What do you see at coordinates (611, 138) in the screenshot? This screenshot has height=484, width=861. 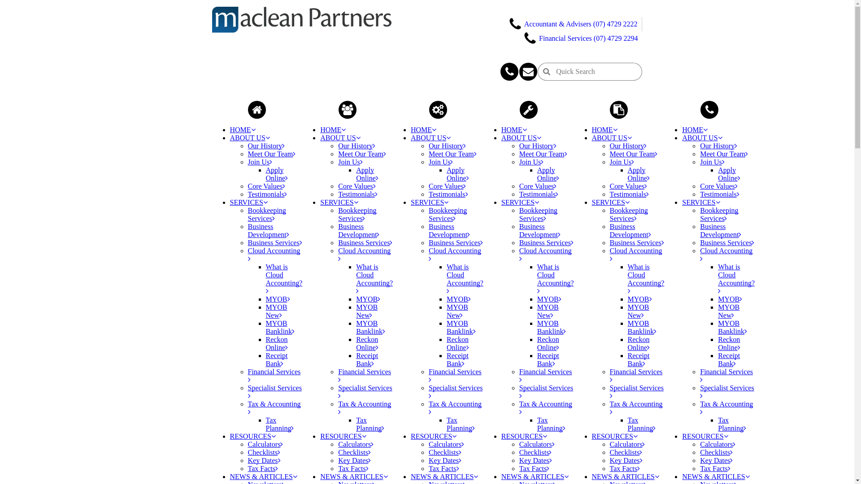 I see `'ABOUT US'` at bounding box center [611, 138].